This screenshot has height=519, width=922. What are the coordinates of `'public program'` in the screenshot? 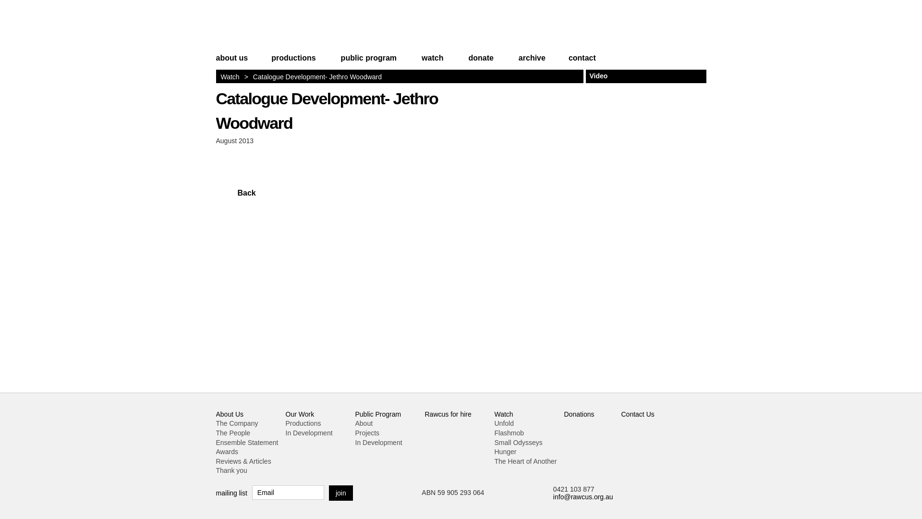 It's located at (368, 62).